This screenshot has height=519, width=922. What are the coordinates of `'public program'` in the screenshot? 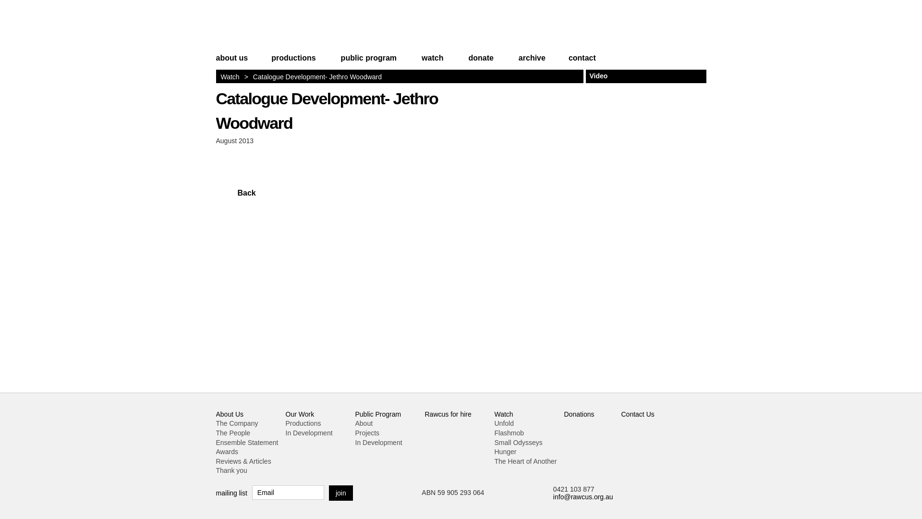 It's located at (368, 62).